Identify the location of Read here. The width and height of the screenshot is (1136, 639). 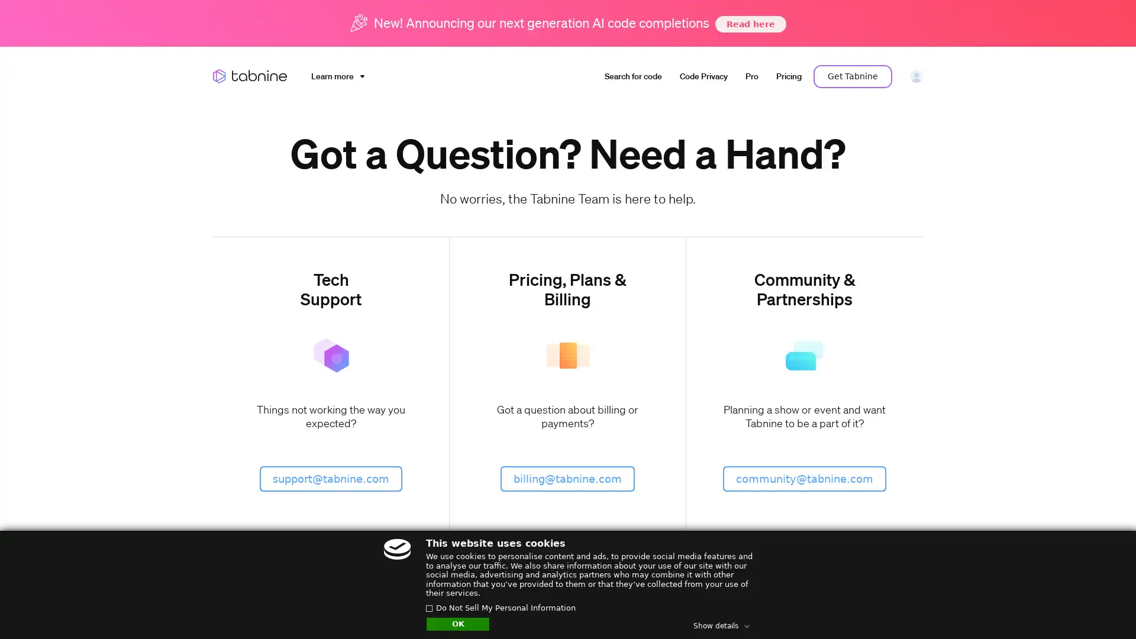
(749, 23).